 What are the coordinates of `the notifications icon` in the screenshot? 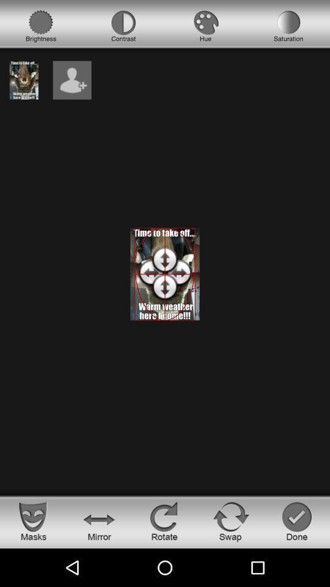 It's located at (288, 26).